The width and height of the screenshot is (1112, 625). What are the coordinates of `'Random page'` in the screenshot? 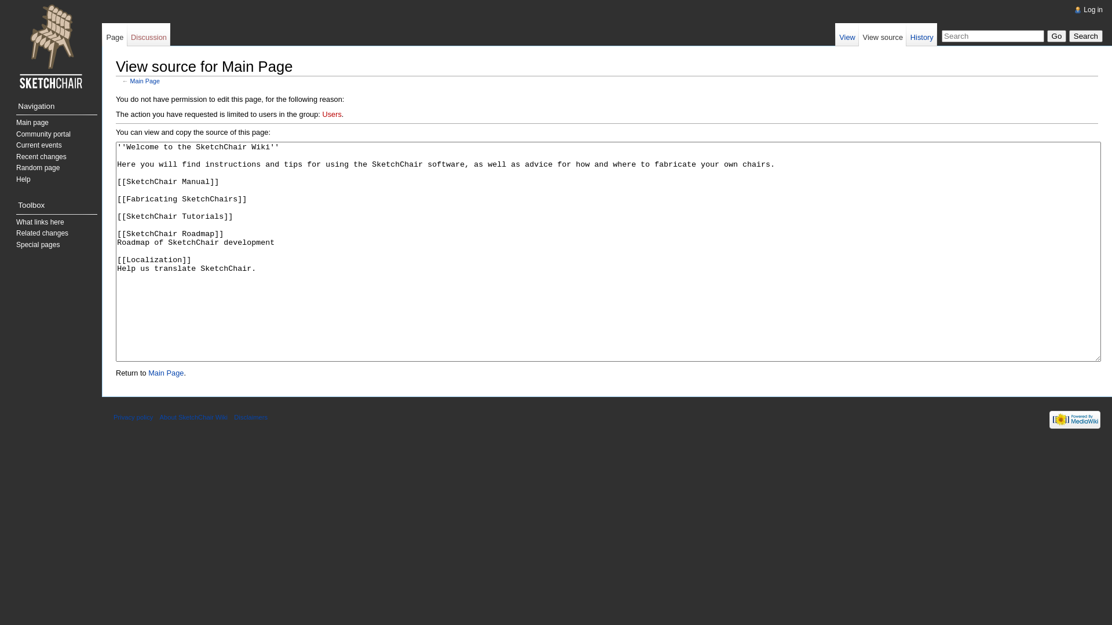 It's located at (38, 167).